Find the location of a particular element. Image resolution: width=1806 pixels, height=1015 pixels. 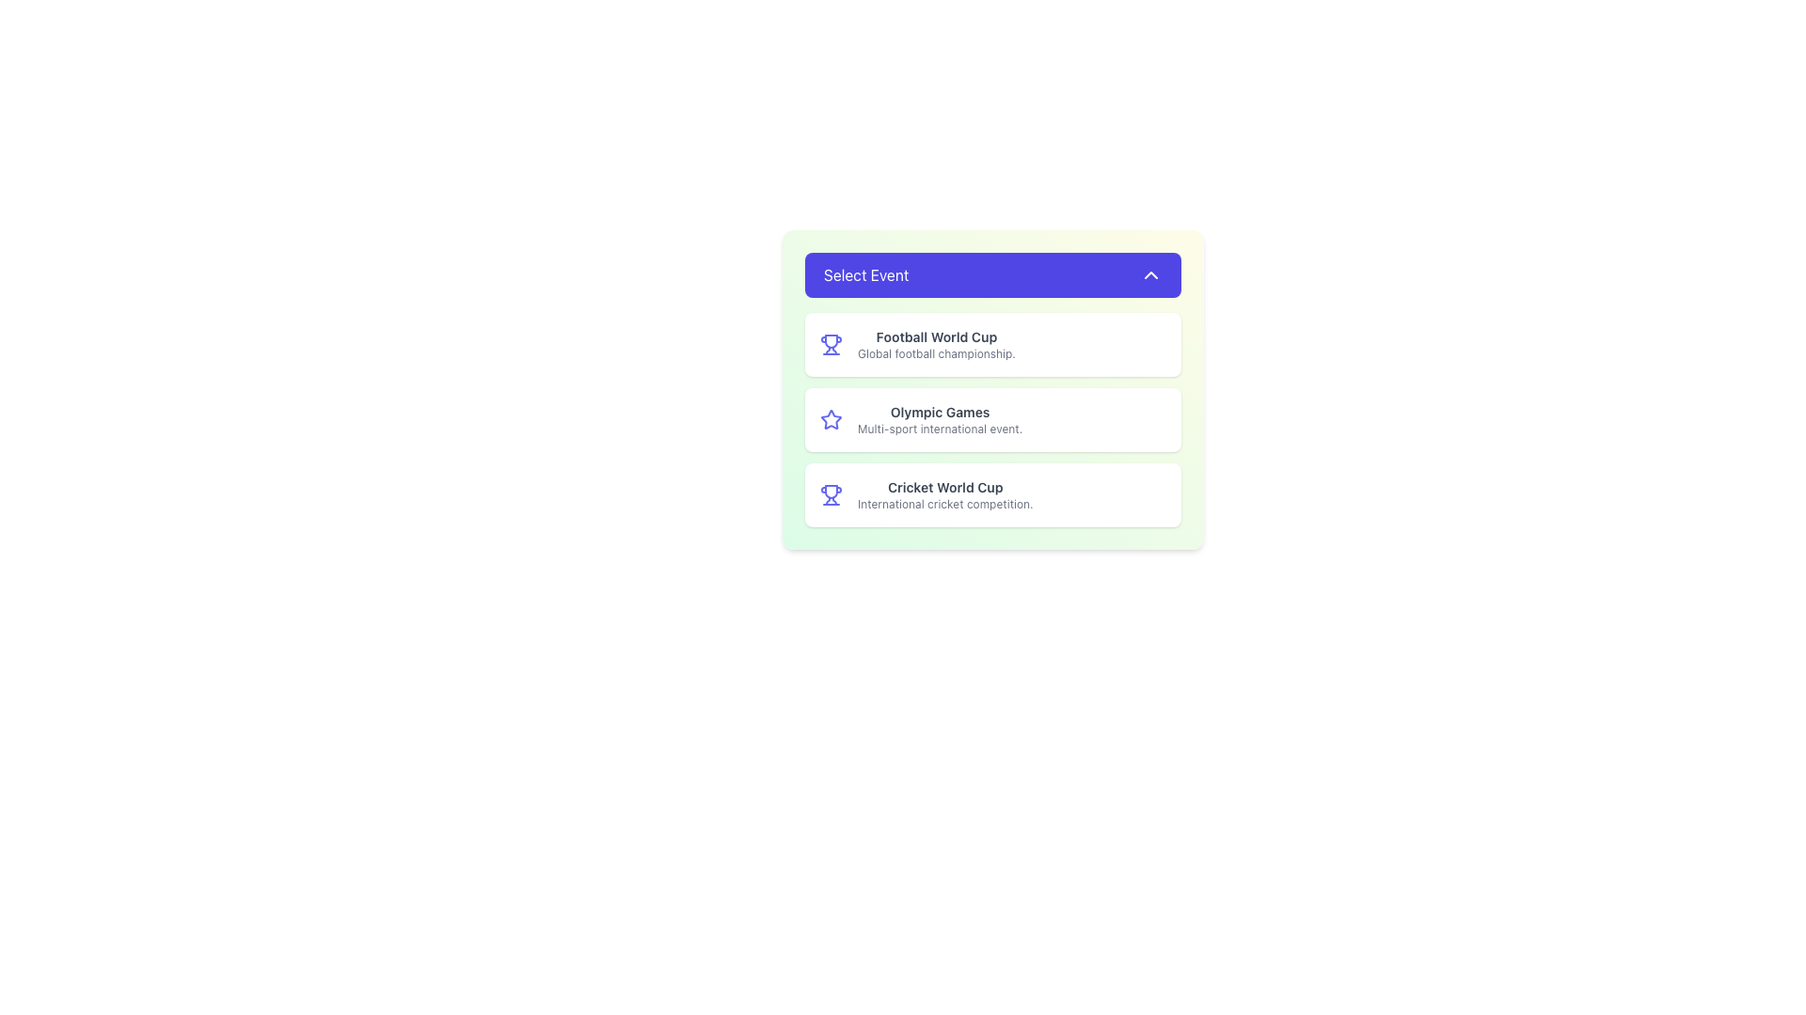

the text block that displays 'Football World Cup' within the list under the 'Select Event' dropdown, which is part of a card styled with a trophy icon is located at coordinates (936, 344).